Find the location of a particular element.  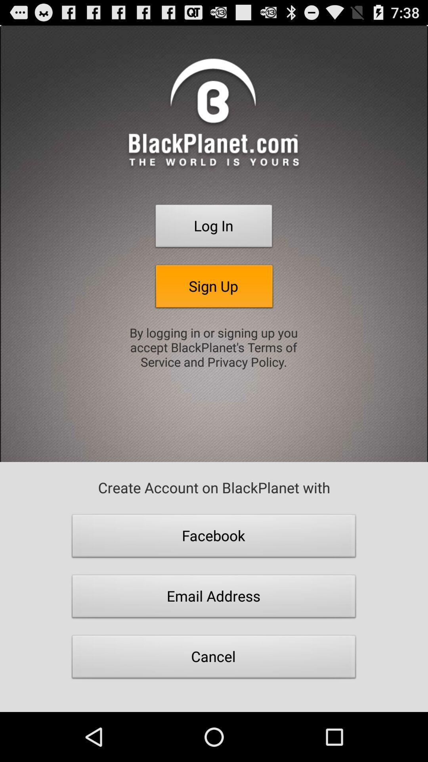

the facebook icon is located at coordinates (214, 538).